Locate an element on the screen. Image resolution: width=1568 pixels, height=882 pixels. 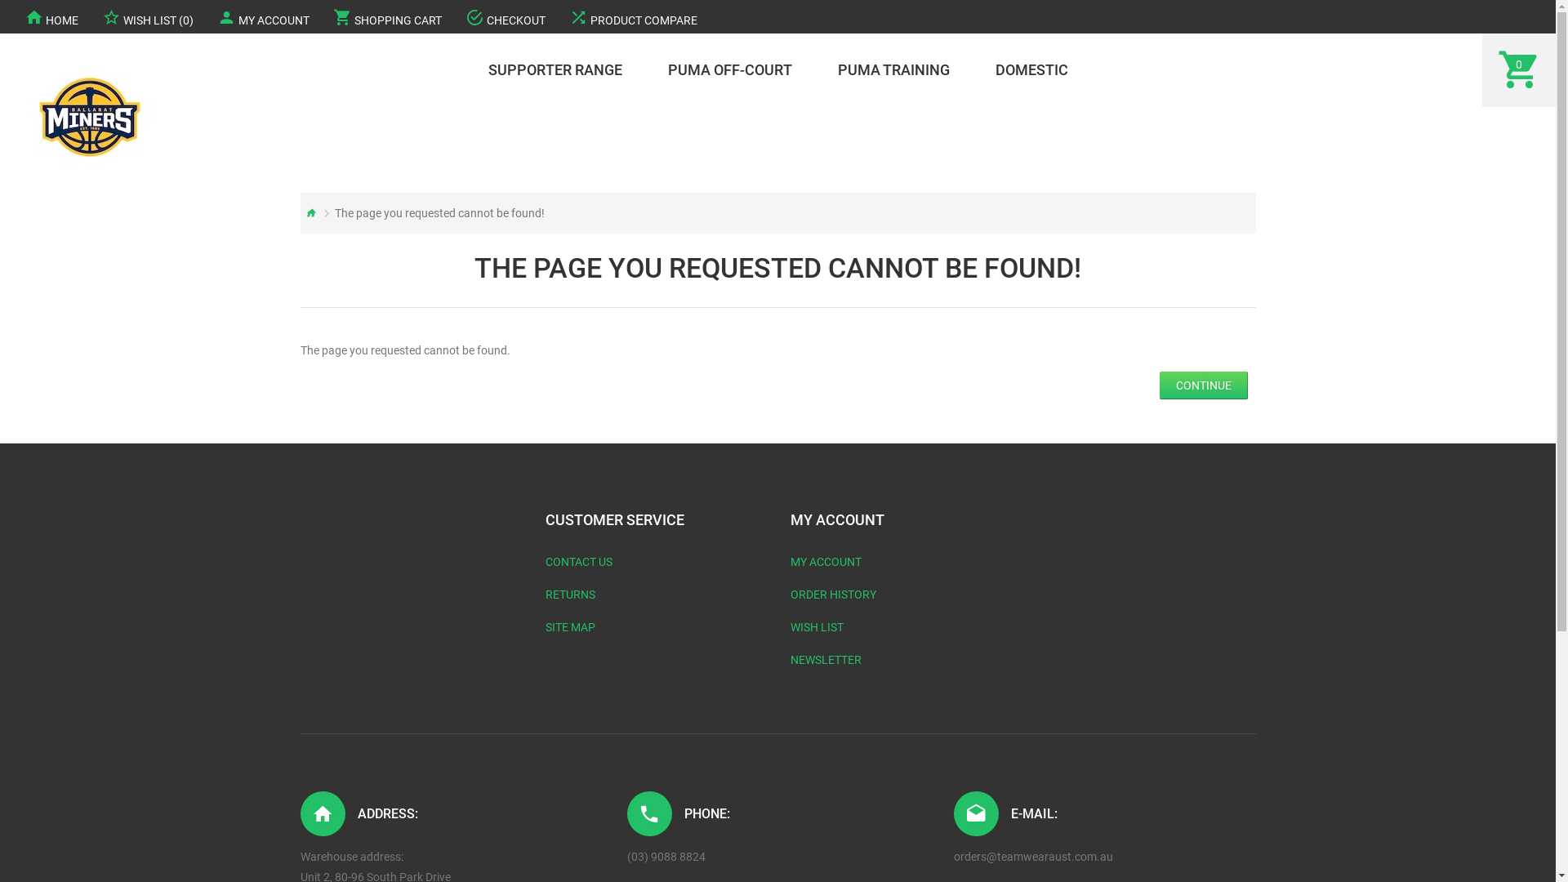
'ORDER HISTORY' is located at coordinates (833, 595).